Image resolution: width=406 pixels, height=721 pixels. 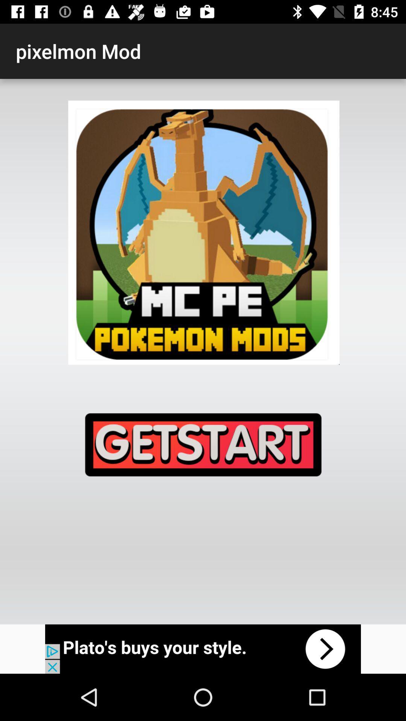 What do you see at coordinates (203, 649) in the screenshot?
I see `a link to an advertisement` at bounding box center [203, 649].